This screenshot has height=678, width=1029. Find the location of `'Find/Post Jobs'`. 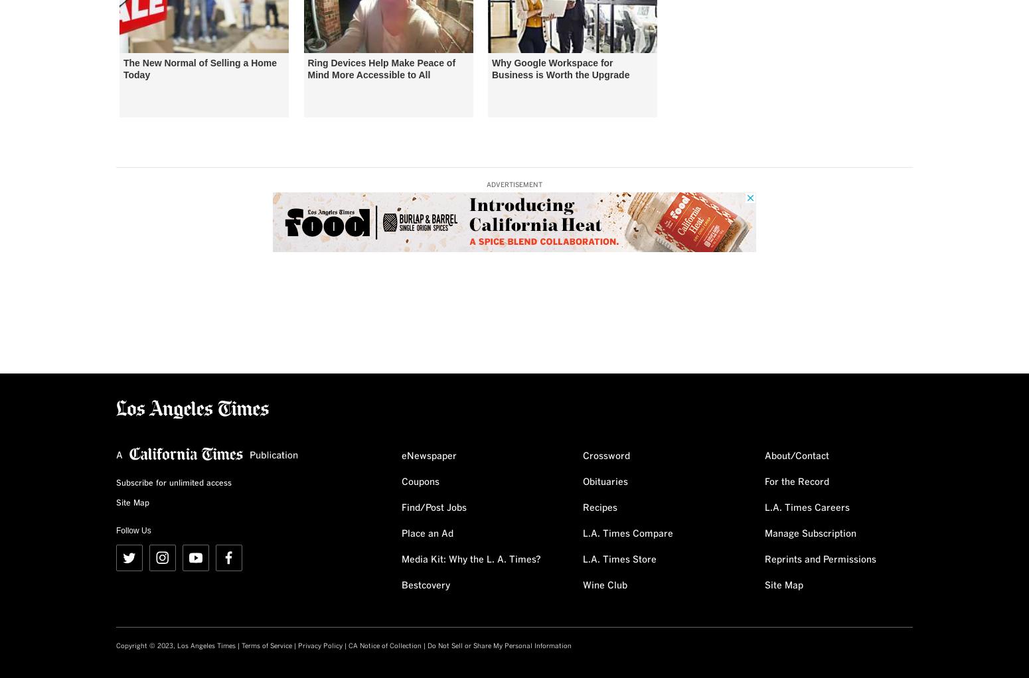

'Find/Post Jobs' is located at coordinates (433, 507).